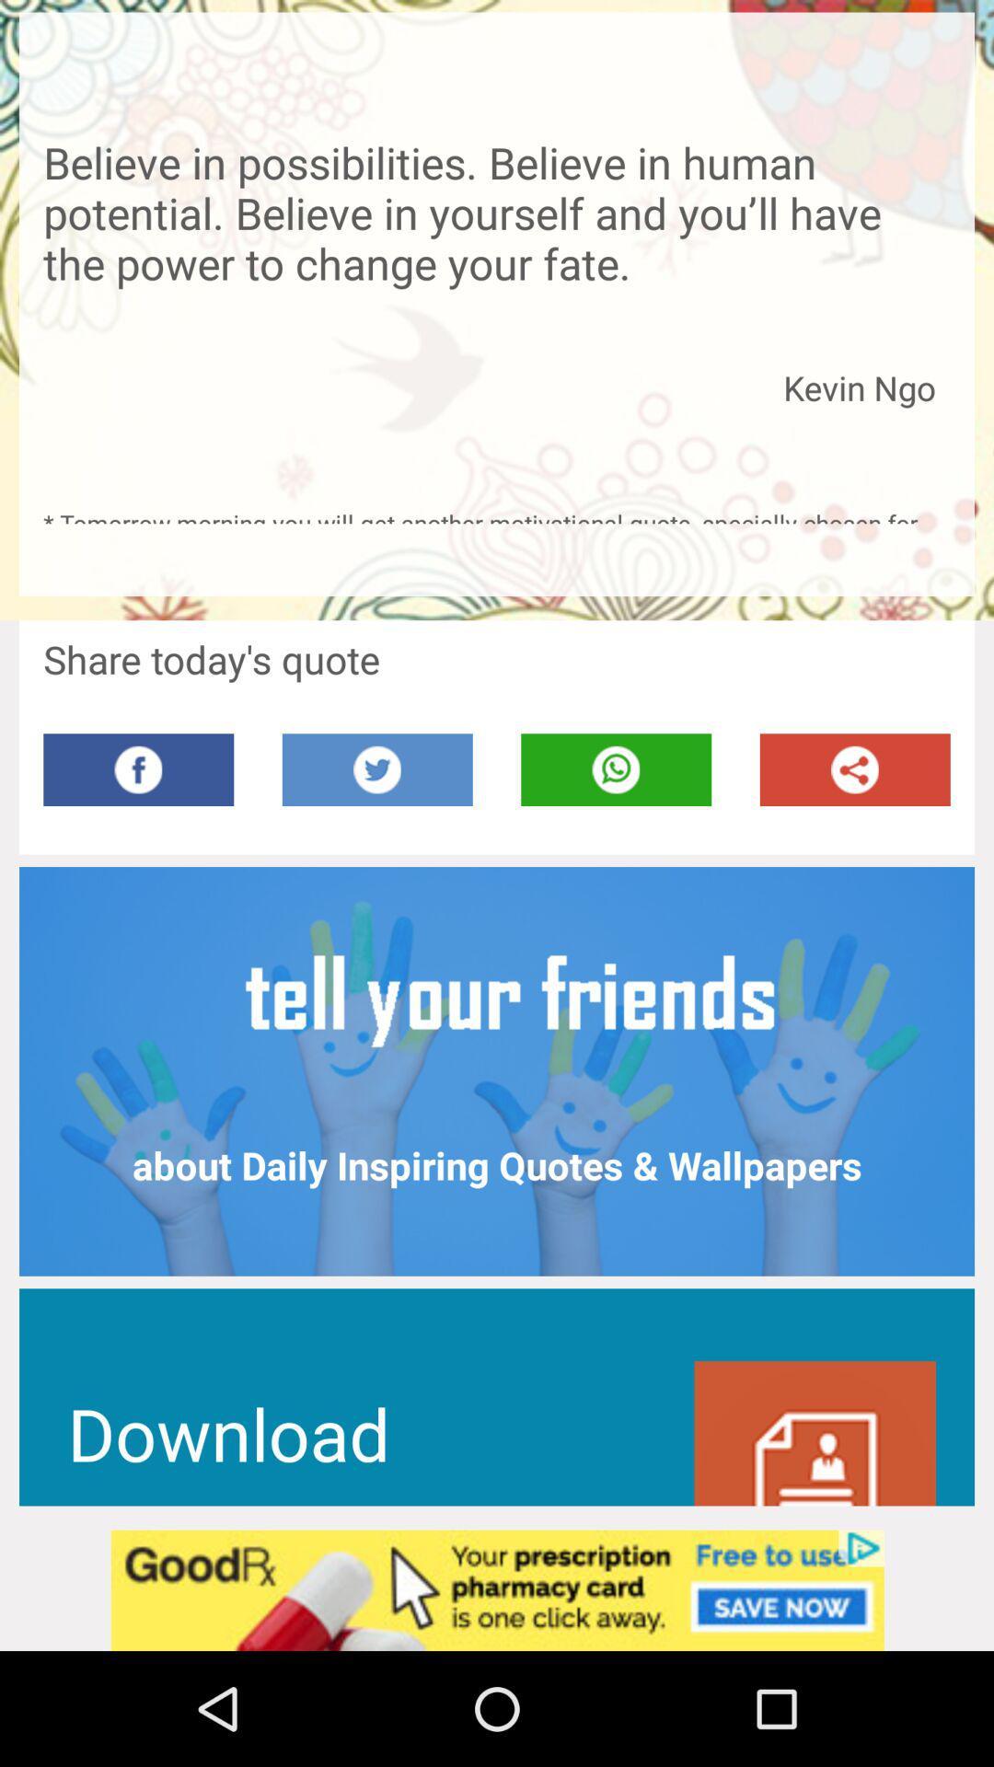 The image size is (994, 1767). What do you see at coordinates (855, 769) in the screenshot?
I see `share this quote` at bounding box center [855, 769].